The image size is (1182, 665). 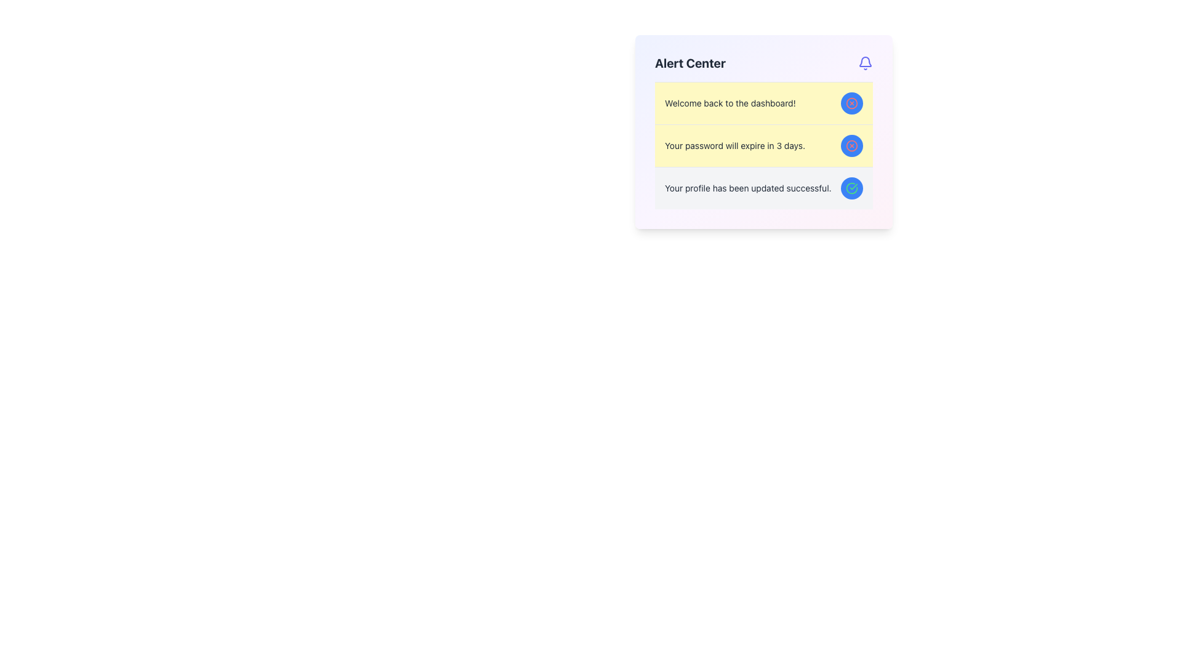 What do you see at coordinates (851, 188) in the screenshot?
I see `the small circular icon representing a checkmark inside a blue circle with a green outline, located to the right of the three text entries in the Alert Center panel, aligned with the third text item` at bounding box center [851, 188].